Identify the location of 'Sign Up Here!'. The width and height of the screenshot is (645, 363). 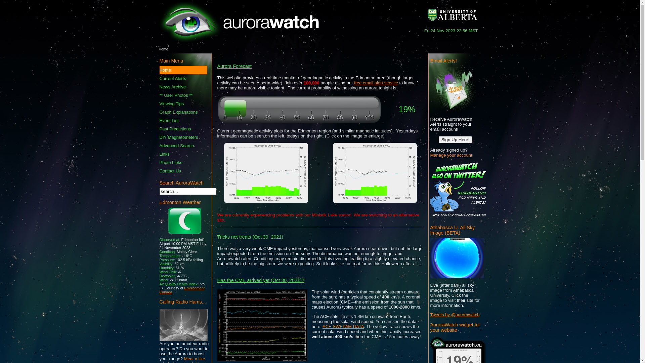
(456, 139).